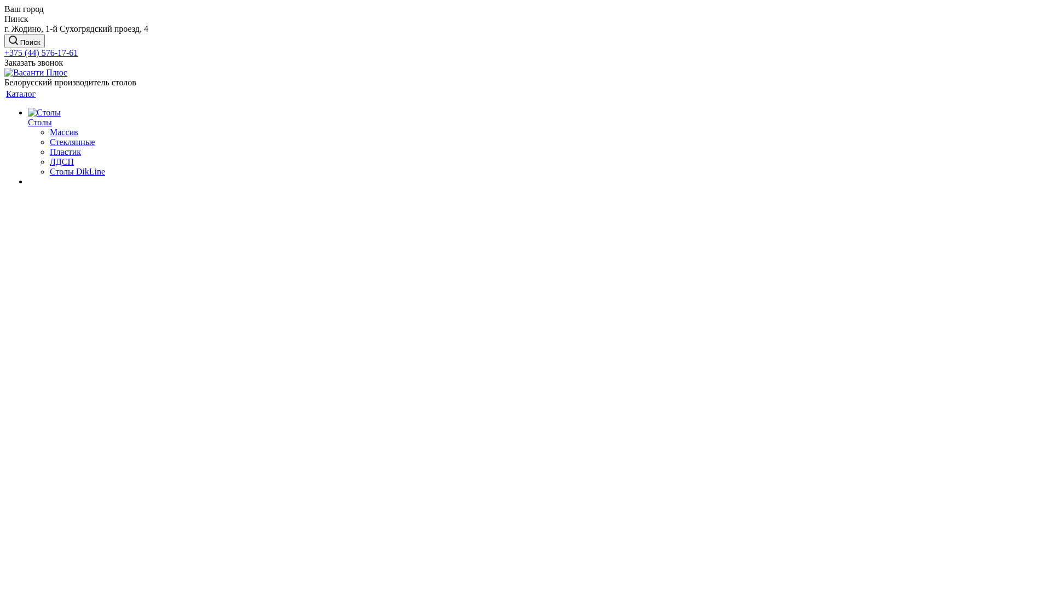 The image size is (1051, 591). I want to click on '+375 (44) 576-17-61', so click(41, 53).